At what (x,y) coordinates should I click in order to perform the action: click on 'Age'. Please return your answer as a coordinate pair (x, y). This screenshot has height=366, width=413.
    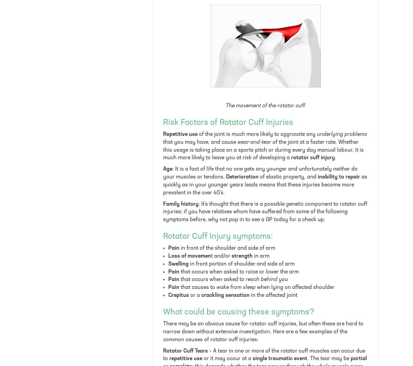
    Looking at the image, I should click on (167, 169).